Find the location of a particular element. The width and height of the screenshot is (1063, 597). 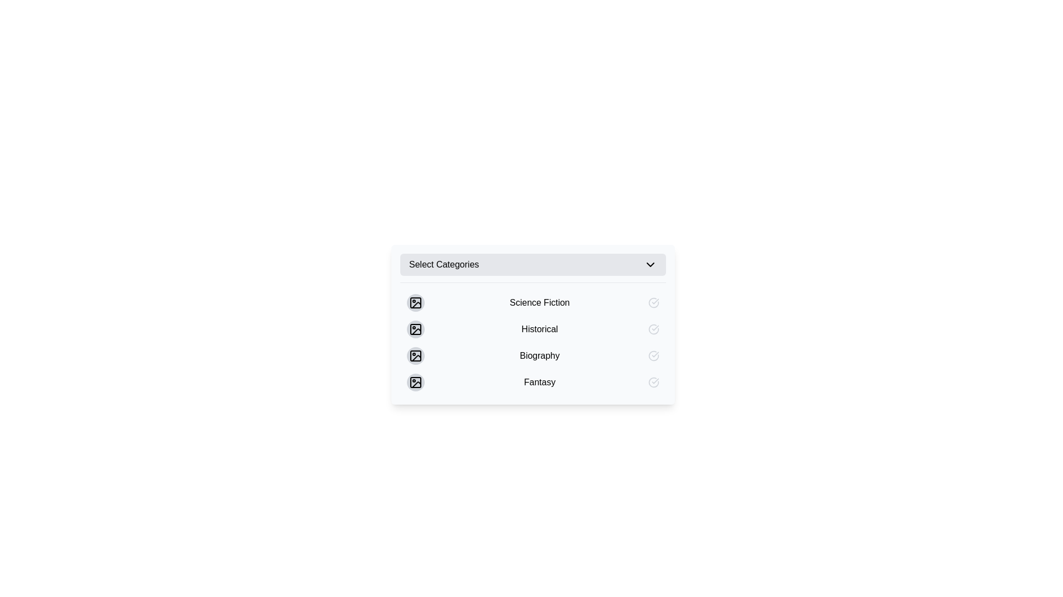

the third icon representing the 'Fantasy' category, which visually indicates the content of this category is located at coordinates (416, 384).